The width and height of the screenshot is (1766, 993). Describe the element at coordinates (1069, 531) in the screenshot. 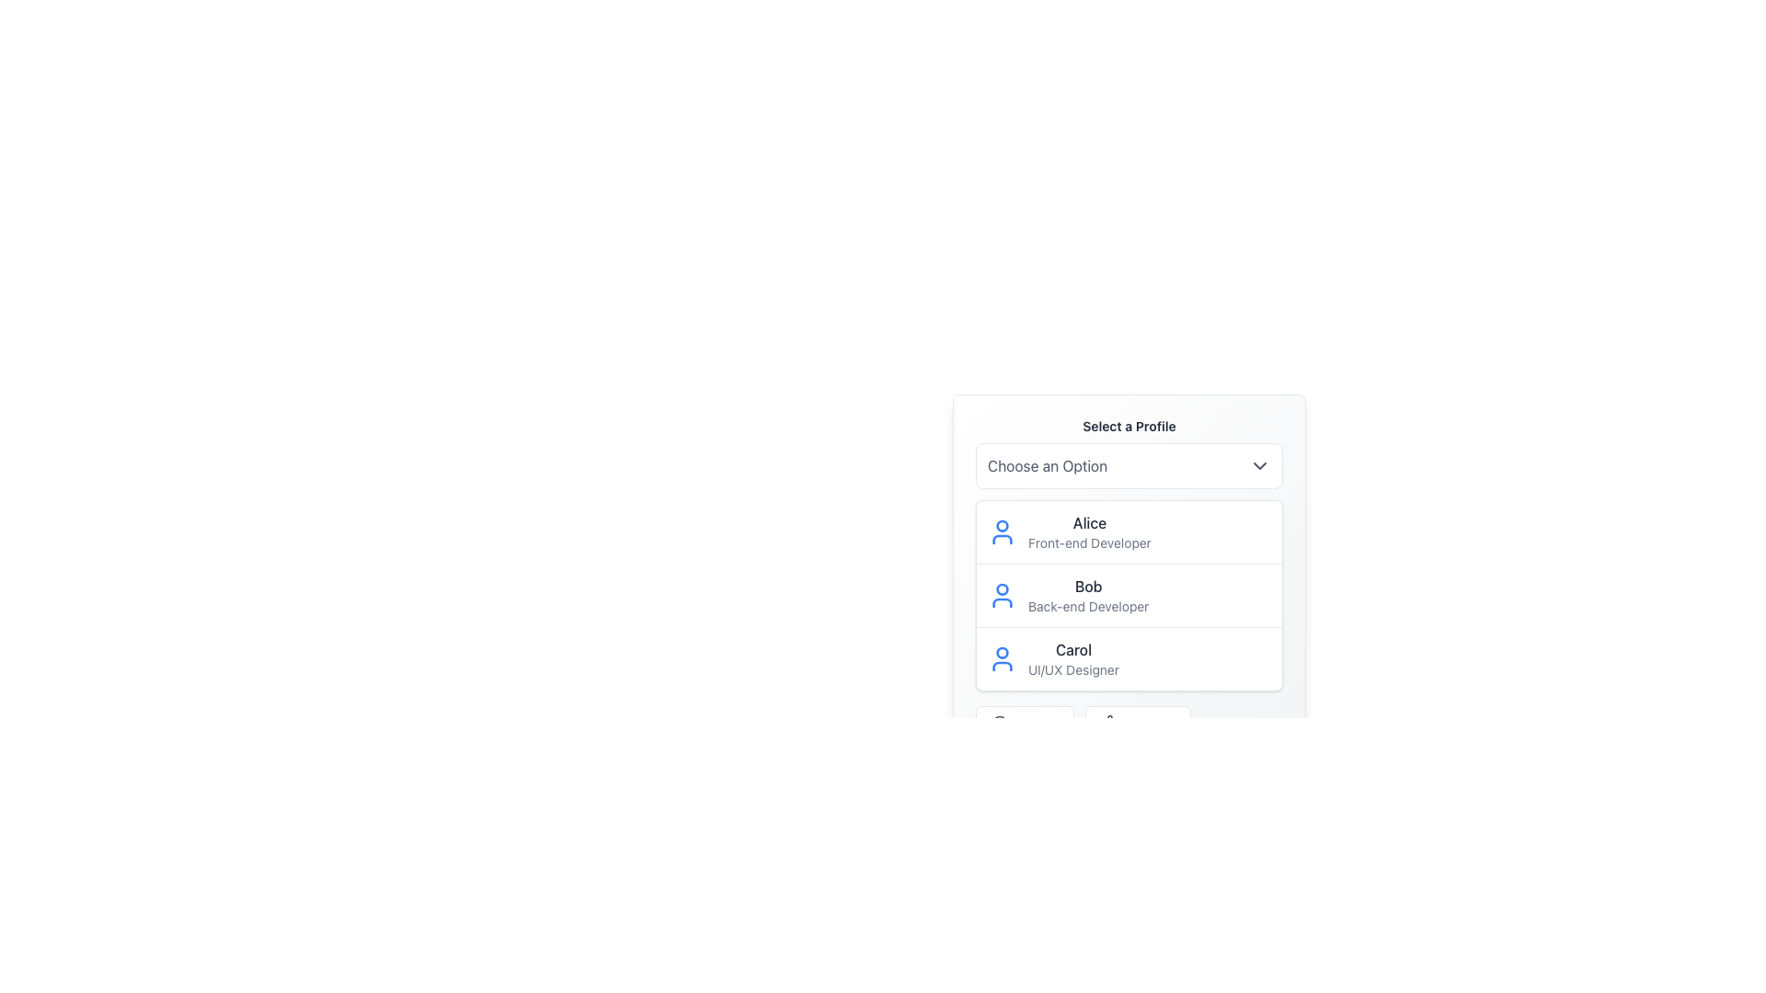

I see `the profile item for 'Alice', which is the first item in the list and contains a blue user silhouette icon and the text 'Alice' with the label 'Front-end Developer'` at that location.